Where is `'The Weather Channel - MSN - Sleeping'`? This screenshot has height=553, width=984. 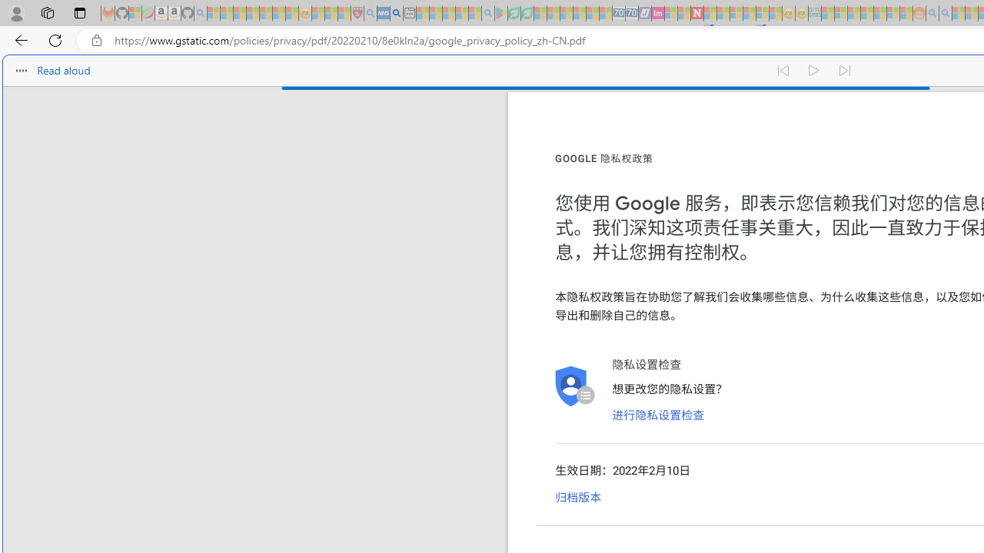 'The Weather Channel - MSN - Sleeping' is located at coordinates (238, 13).